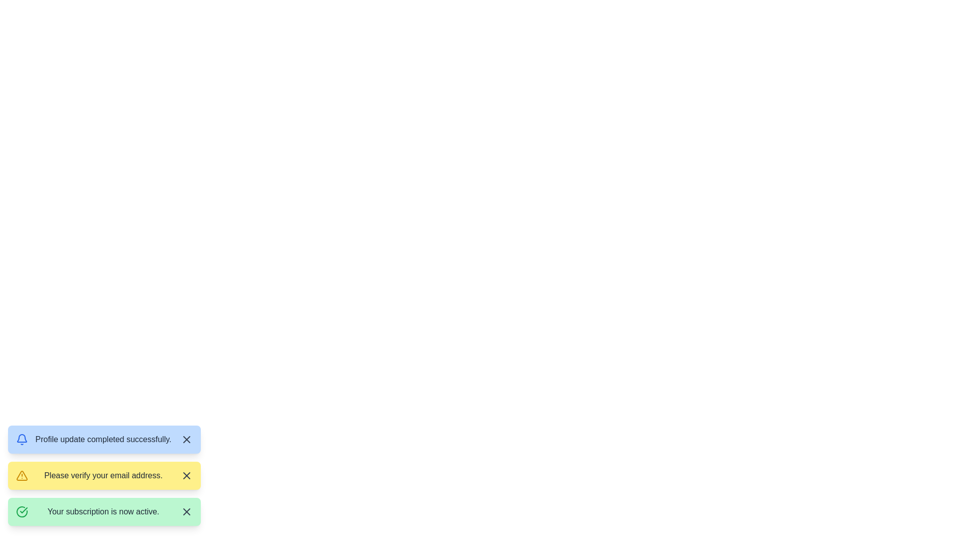  What do you see at coordinates (104, 511) in the screenshot?
I see `the close button on the third alert notification card in the bottom-left corner` at bounding box center [104, 511].